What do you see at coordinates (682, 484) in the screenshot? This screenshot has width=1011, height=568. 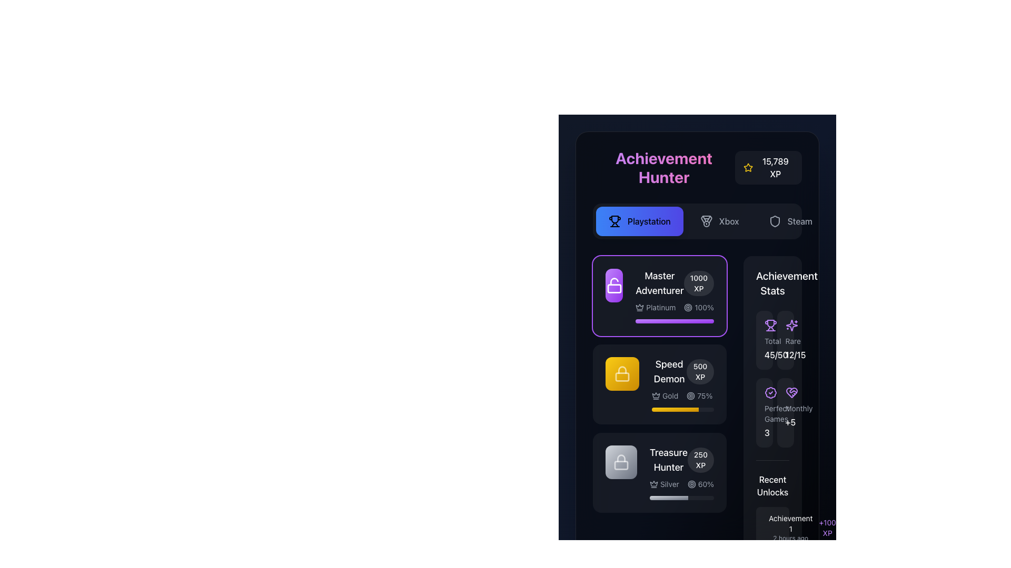 I see `structure of the label displaying a medal and percentage completion for the 'Treasure Hunter' achievement, located beneath '250 XP' and above a progress bar` at bounding box center [682, 484].